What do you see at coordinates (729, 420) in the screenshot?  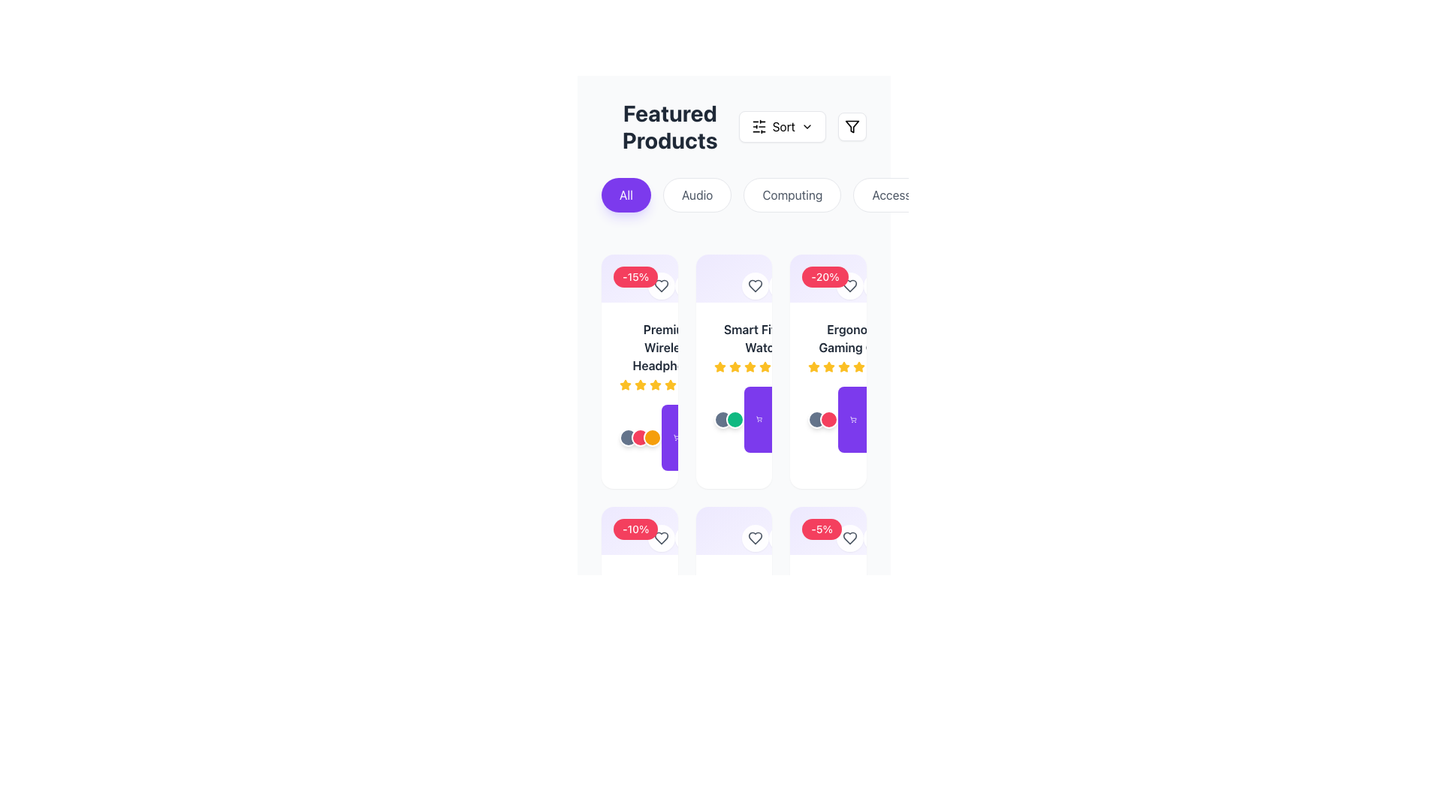 I see `the green circle in the Interactive color selection options located below the rating stars of the 'Smart Fit Watch' card` at bounding box center [729, 420].